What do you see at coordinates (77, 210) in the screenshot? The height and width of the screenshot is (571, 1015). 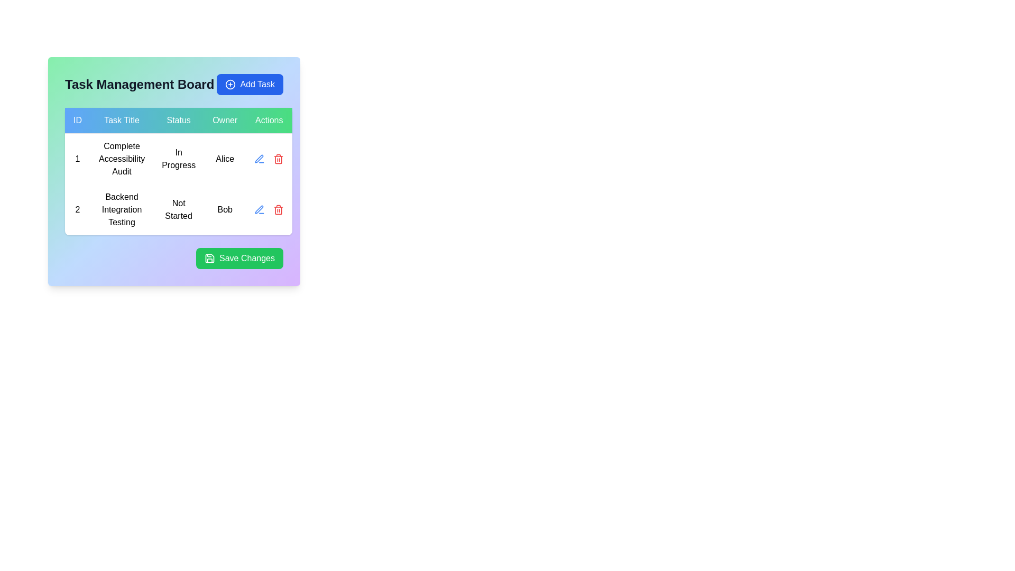 I see `the numeric label displaying the number '2' in the first column of the table, located in the second row beneath the '1'` at bounding box center [77, 210].